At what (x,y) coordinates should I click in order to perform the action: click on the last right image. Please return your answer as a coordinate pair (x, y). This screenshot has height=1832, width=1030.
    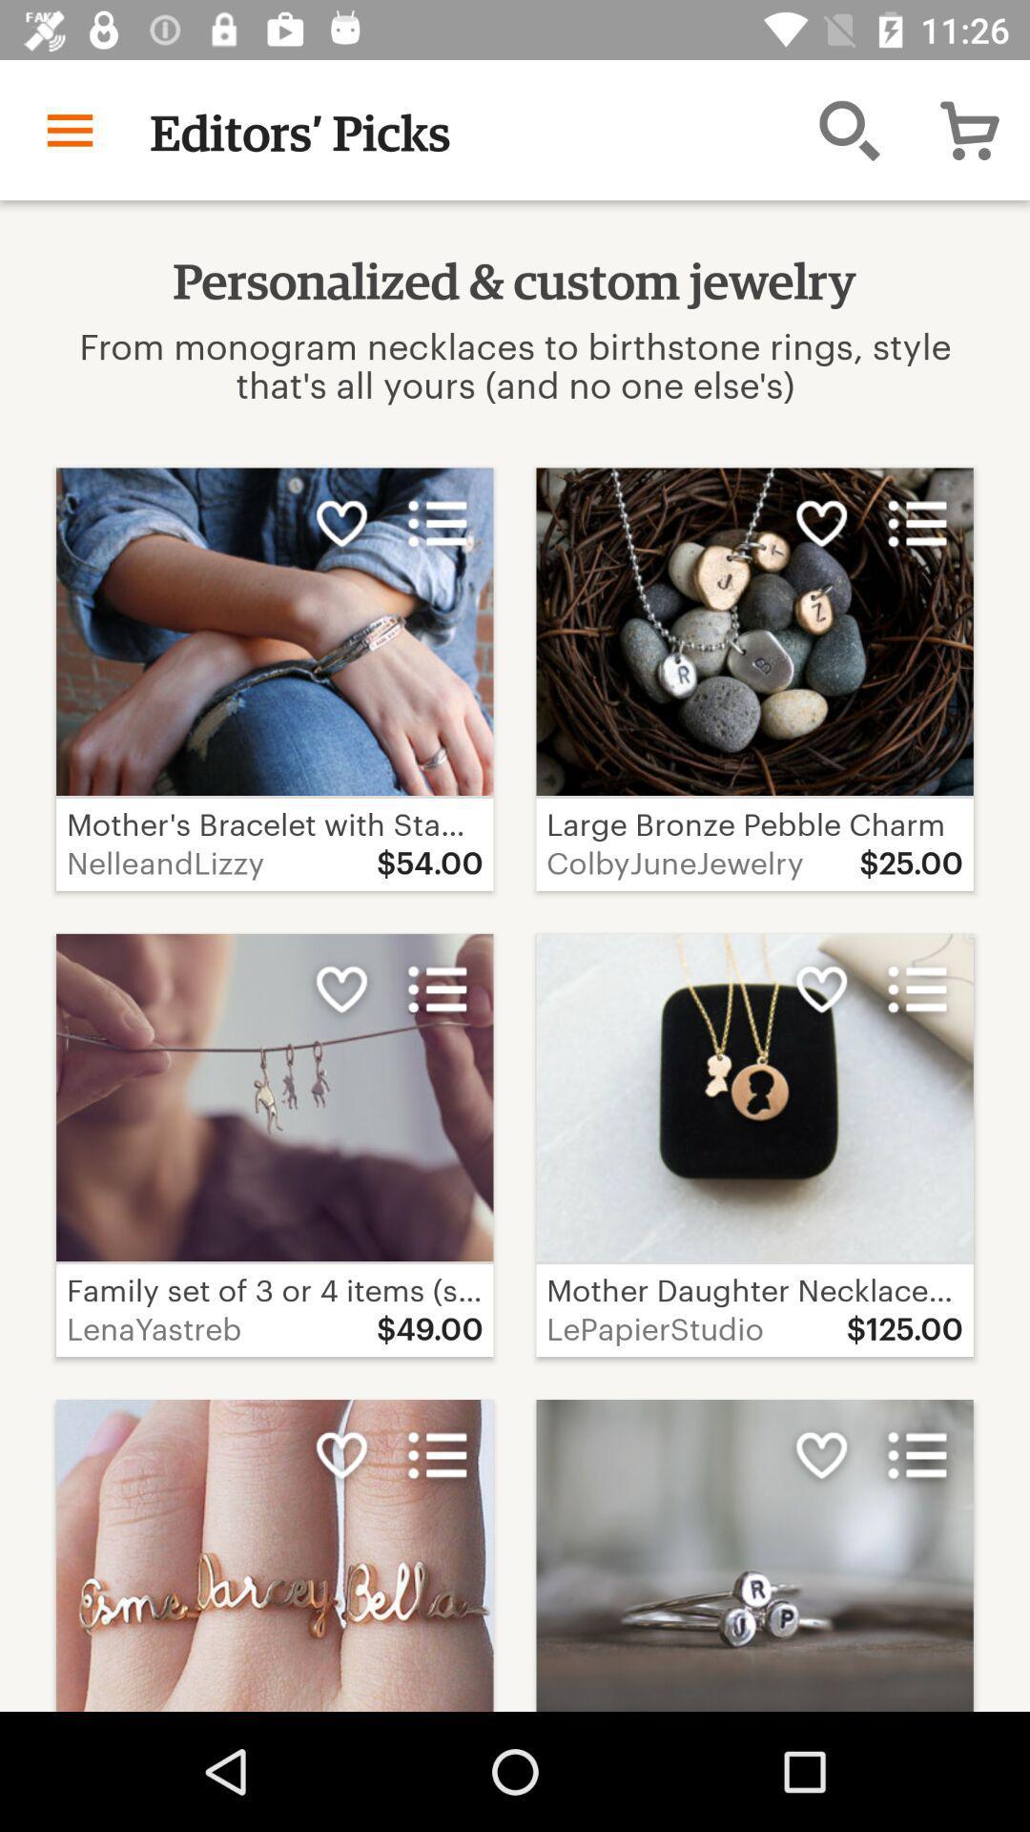
    Looking at the image, I should click on (275, 1555).